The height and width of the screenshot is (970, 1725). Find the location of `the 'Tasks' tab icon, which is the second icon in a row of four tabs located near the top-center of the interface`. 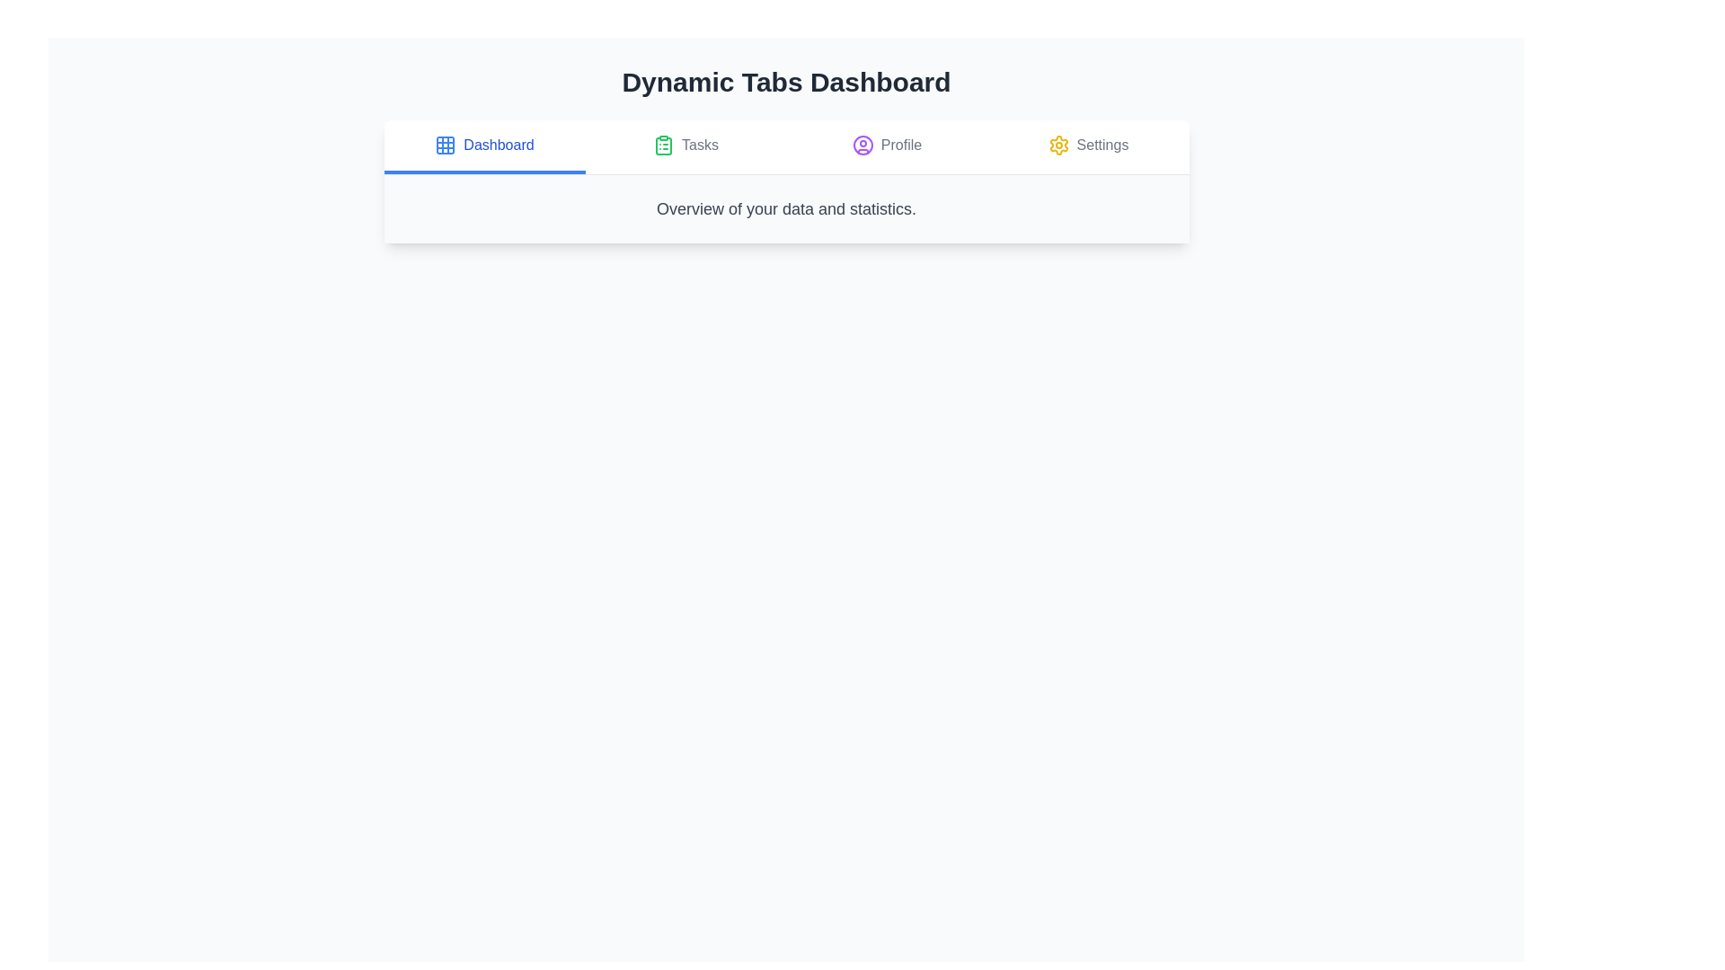

the 'Tasks' tab icon, which is the second icon in a row of four tabs located near the top-center of the interface is located at coordinates (663, 145).